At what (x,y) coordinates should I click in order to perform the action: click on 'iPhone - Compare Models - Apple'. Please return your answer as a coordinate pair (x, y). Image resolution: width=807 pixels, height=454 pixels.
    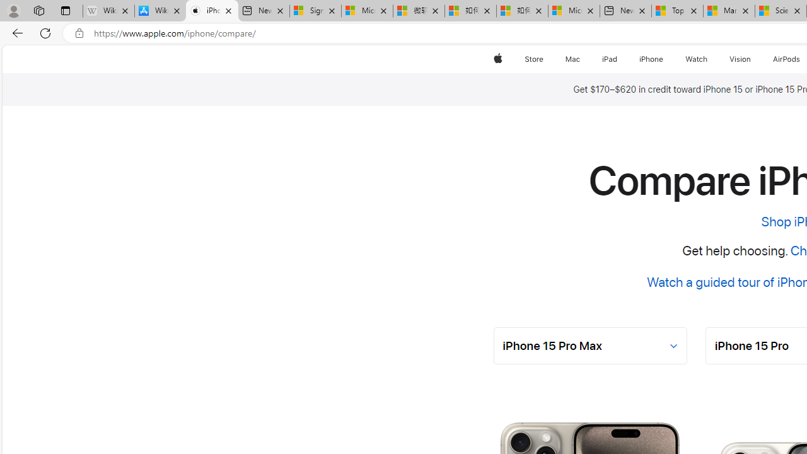
    Looking at the image, I should click on (212, 11).